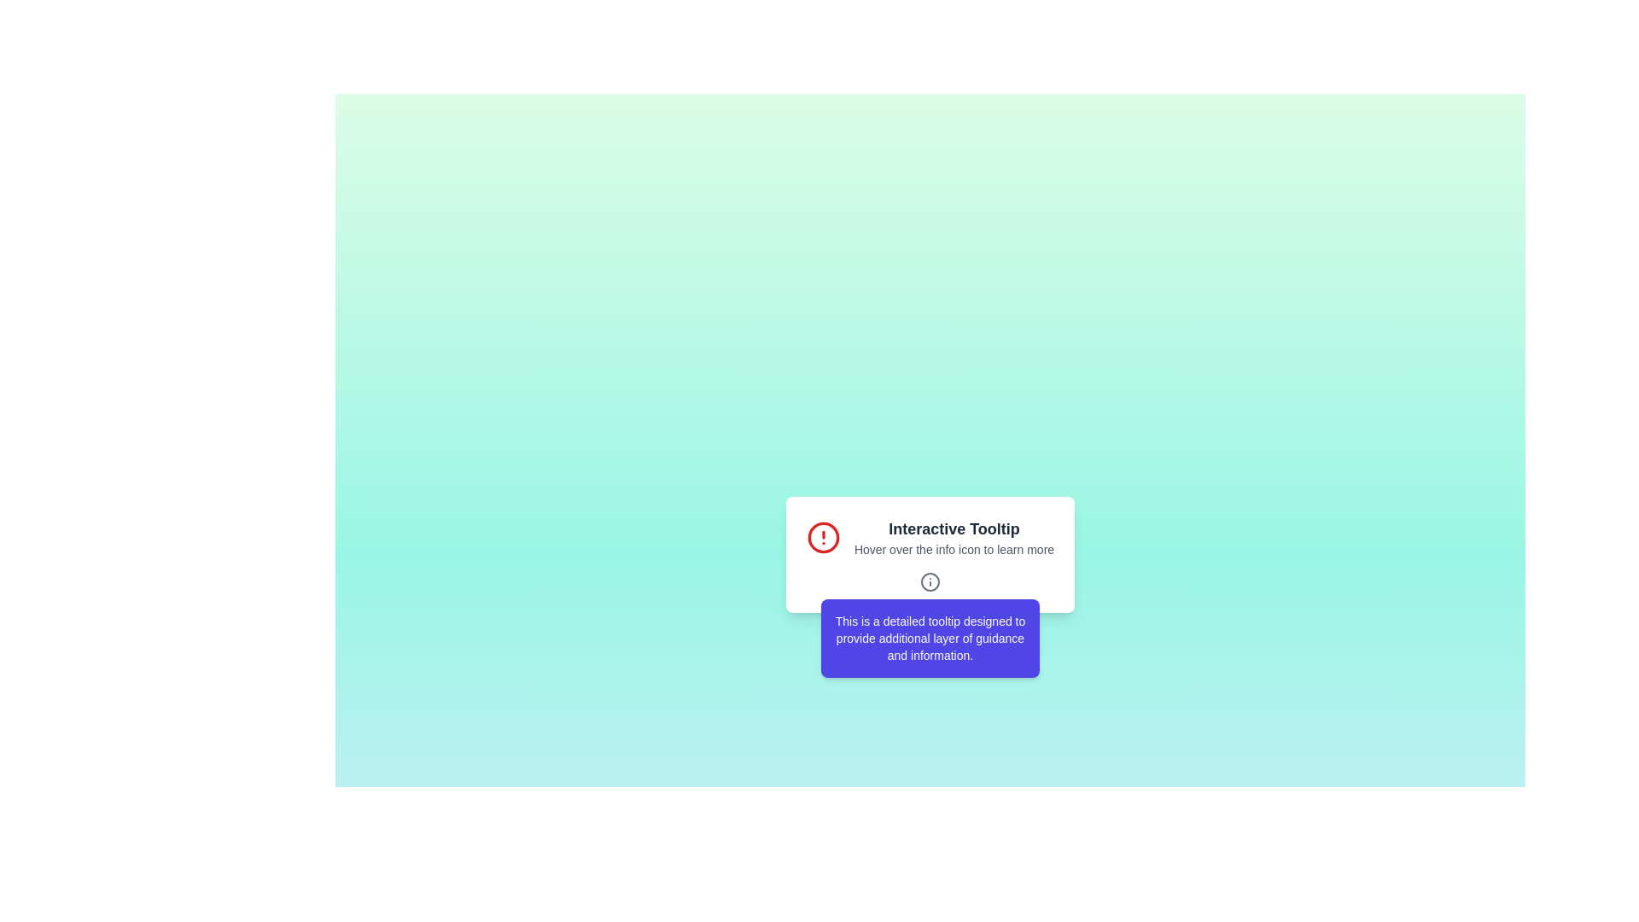 This screenshot has height=922, width=1639. I want to click on the Tooltip box positioned below the 'Interactive Tooltip' content box to read the detailed information provided, so click(929, 639).